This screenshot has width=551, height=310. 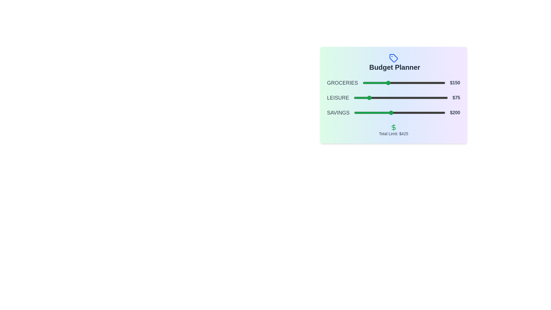 What do you see at coordinates (428, 97) in the screenshot?
I see `the slider for 1 to 395` at bounding box center [428, 97].